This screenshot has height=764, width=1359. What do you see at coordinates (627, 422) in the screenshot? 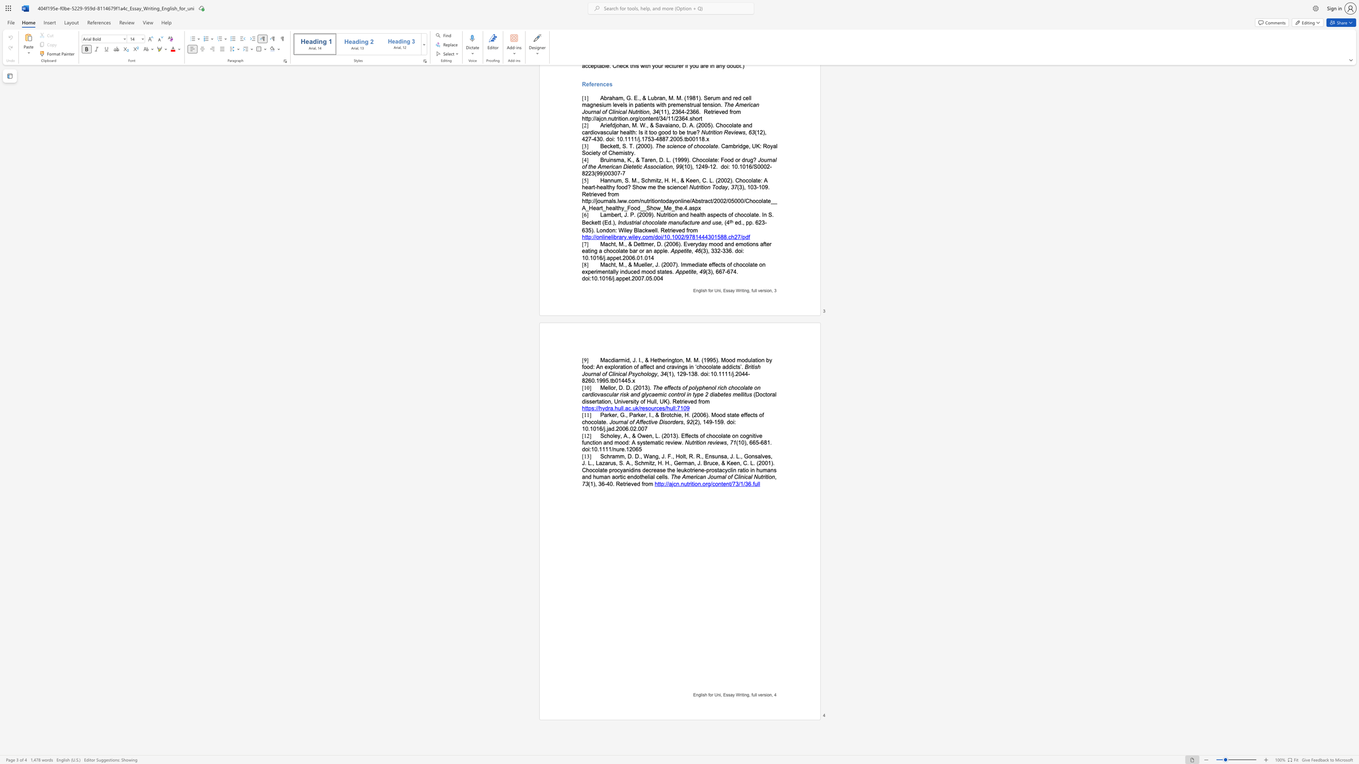
I see `the 1th character "l" in the text` at bounding box center [627, 422].